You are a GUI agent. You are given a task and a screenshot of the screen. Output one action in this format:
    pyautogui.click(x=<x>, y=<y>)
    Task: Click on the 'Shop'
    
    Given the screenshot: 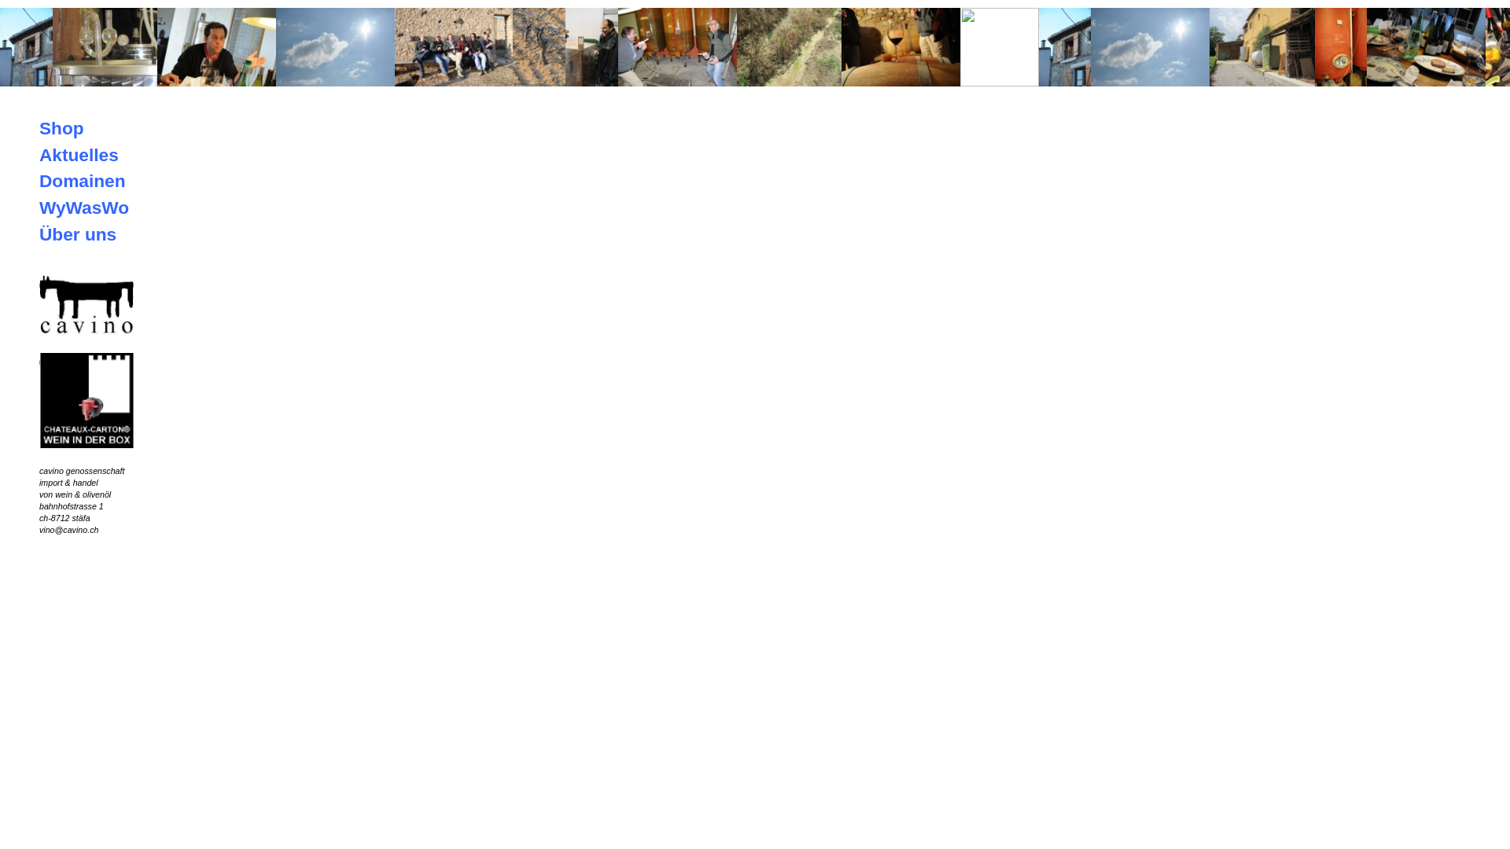 What is the action you would take?
    pyautogui.click(x=61, y=127)
    